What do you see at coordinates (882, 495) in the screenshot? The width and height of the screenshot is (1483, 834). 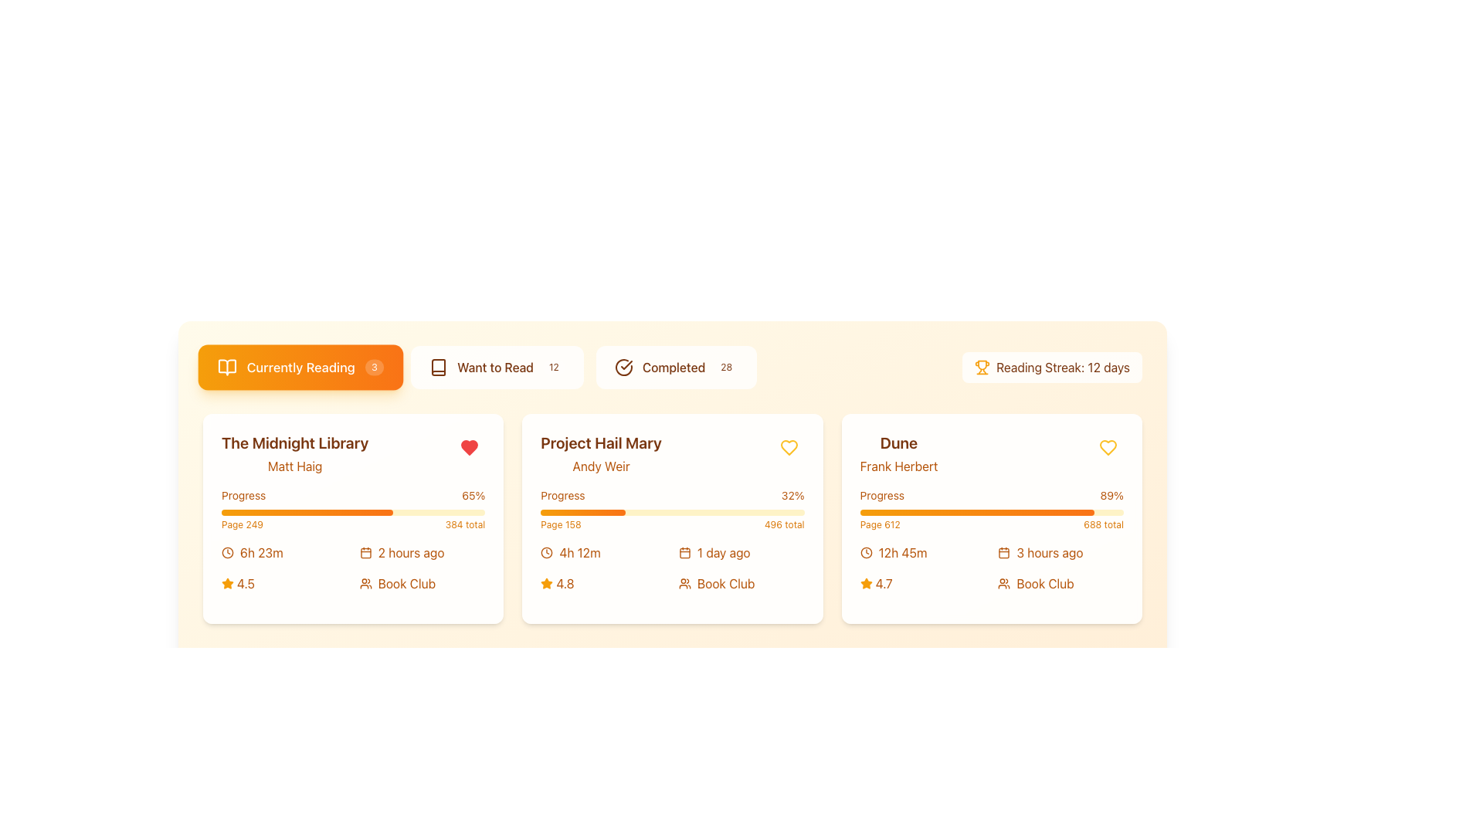 I see `the text label displaying 'Progress' in brownish color, located in the upper-left corner of the progress section of the 'Dune' card interface` at bounding box center [882, 495].